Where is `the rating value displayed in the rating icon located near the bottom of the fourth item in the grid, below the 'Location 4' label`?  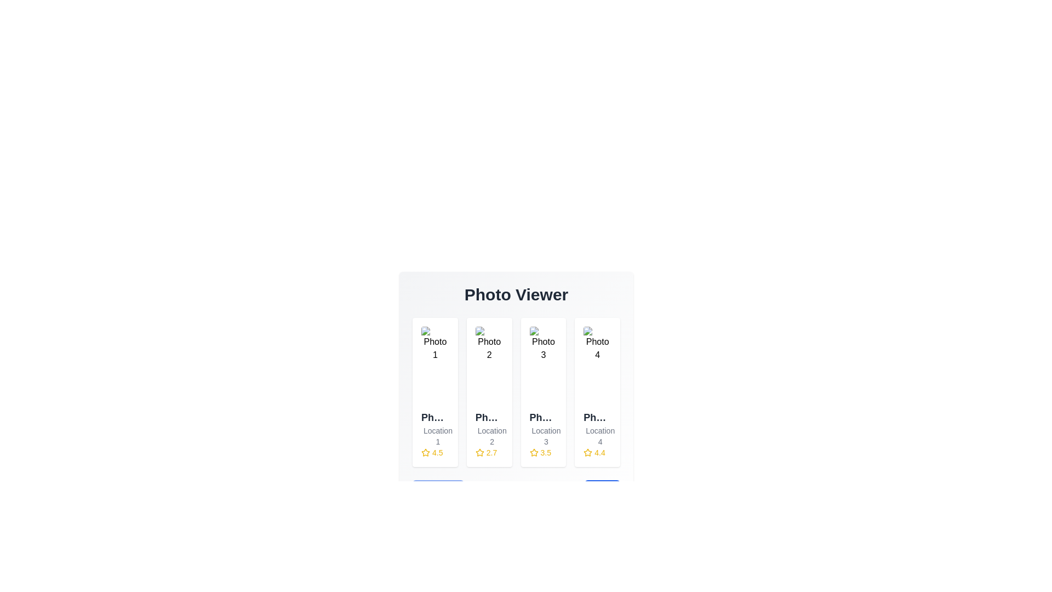 the rating value displayed in the rating icon located near the bottom of the fourth item in the grid, below the 'Location 4' label is located at coordinates (597, 452).